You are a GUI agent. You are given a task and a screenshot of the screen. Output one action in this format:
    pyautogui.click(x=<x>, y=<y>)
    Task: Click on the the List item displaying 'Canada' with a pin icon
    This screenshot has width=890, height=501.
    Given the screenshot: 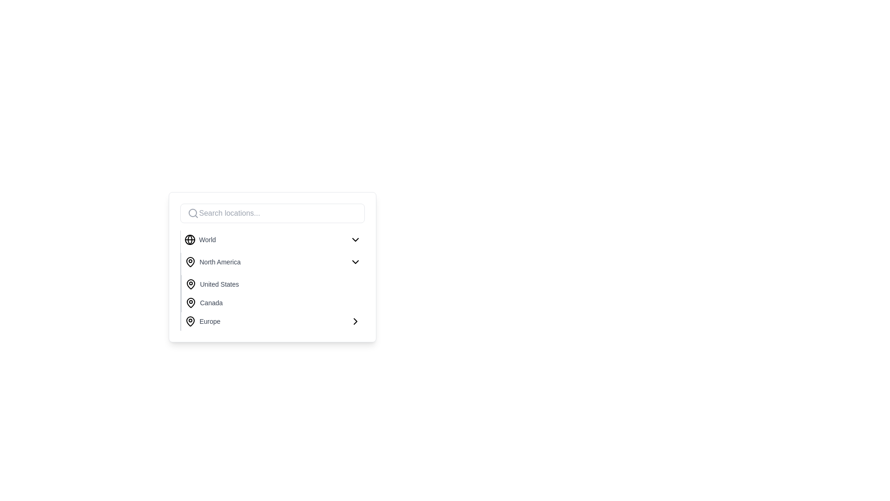 What is the action you would take?
    pyautogui.click(x=203, y=302)
    